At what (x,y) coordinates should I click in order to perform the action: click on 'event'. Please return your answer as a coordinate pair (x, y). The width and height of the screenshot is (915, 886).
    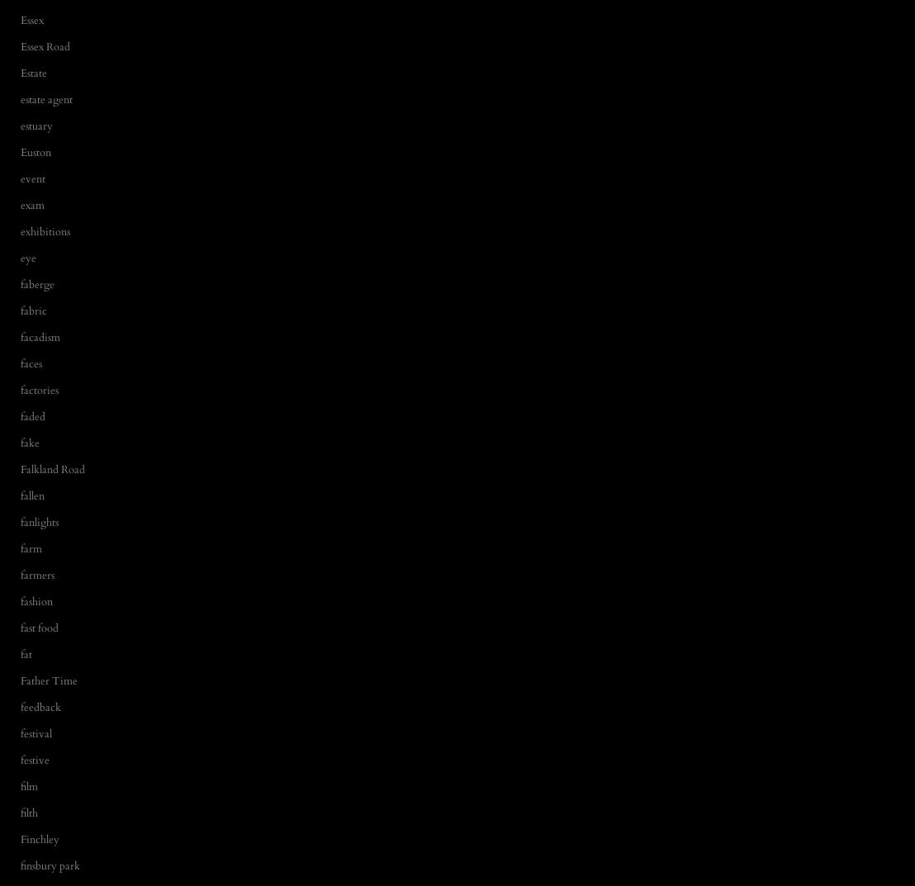
    Looking at the image, I should click on (32, 178).